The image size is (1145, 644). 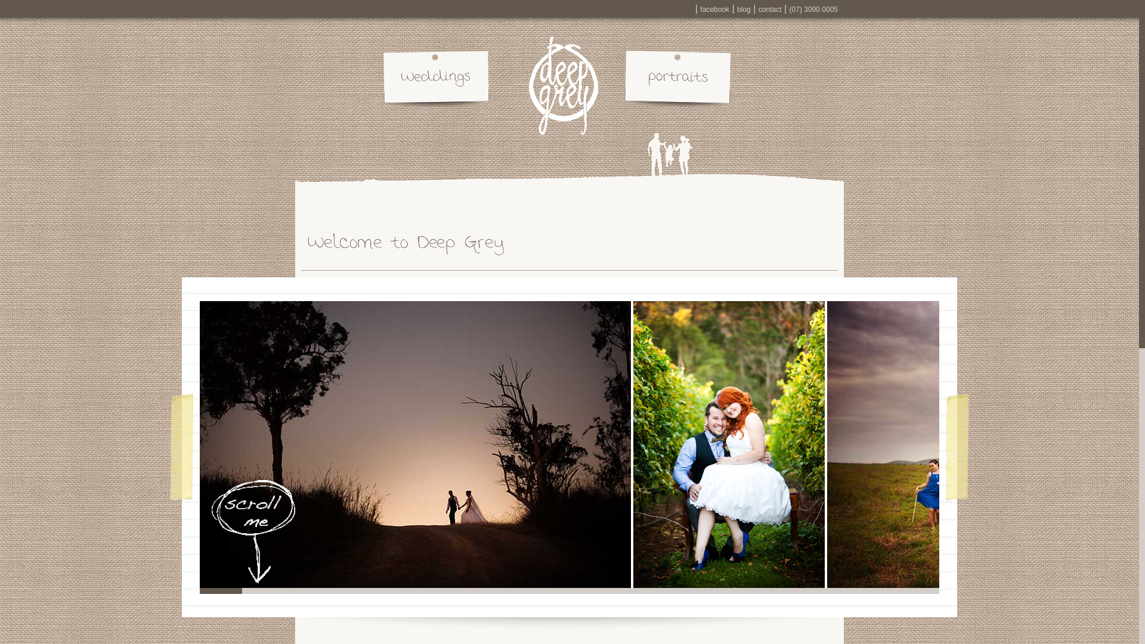 I want to click on 'blog', so click(x=743, y=9).